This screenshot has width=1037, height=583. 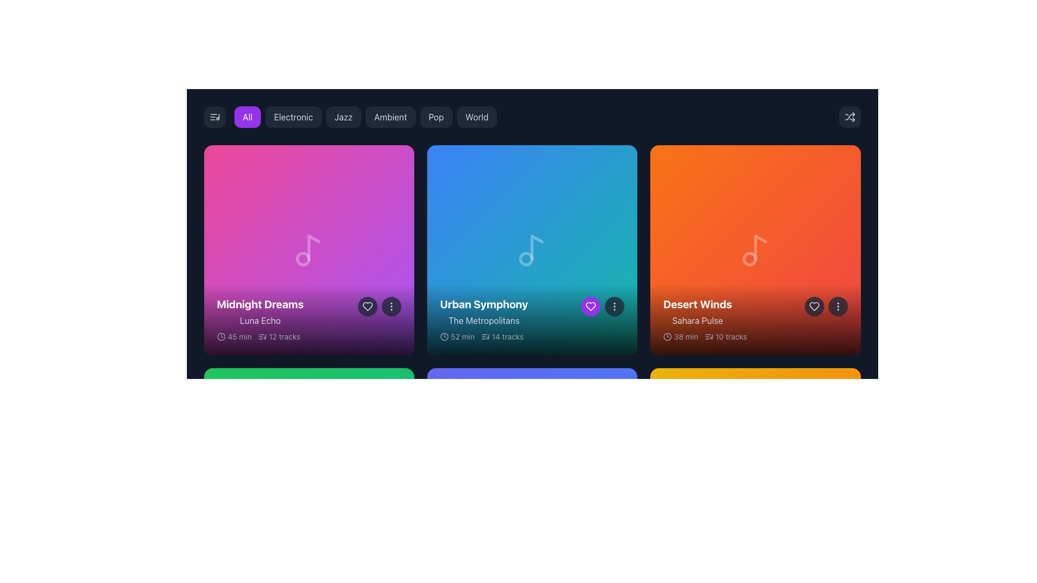 What do you see at coordinates (342, 117) in the screenshot?
I see `the third button from the left in the top section of the interface to filter content by the 'Jazz' genre` at bounding box center [342, 117].